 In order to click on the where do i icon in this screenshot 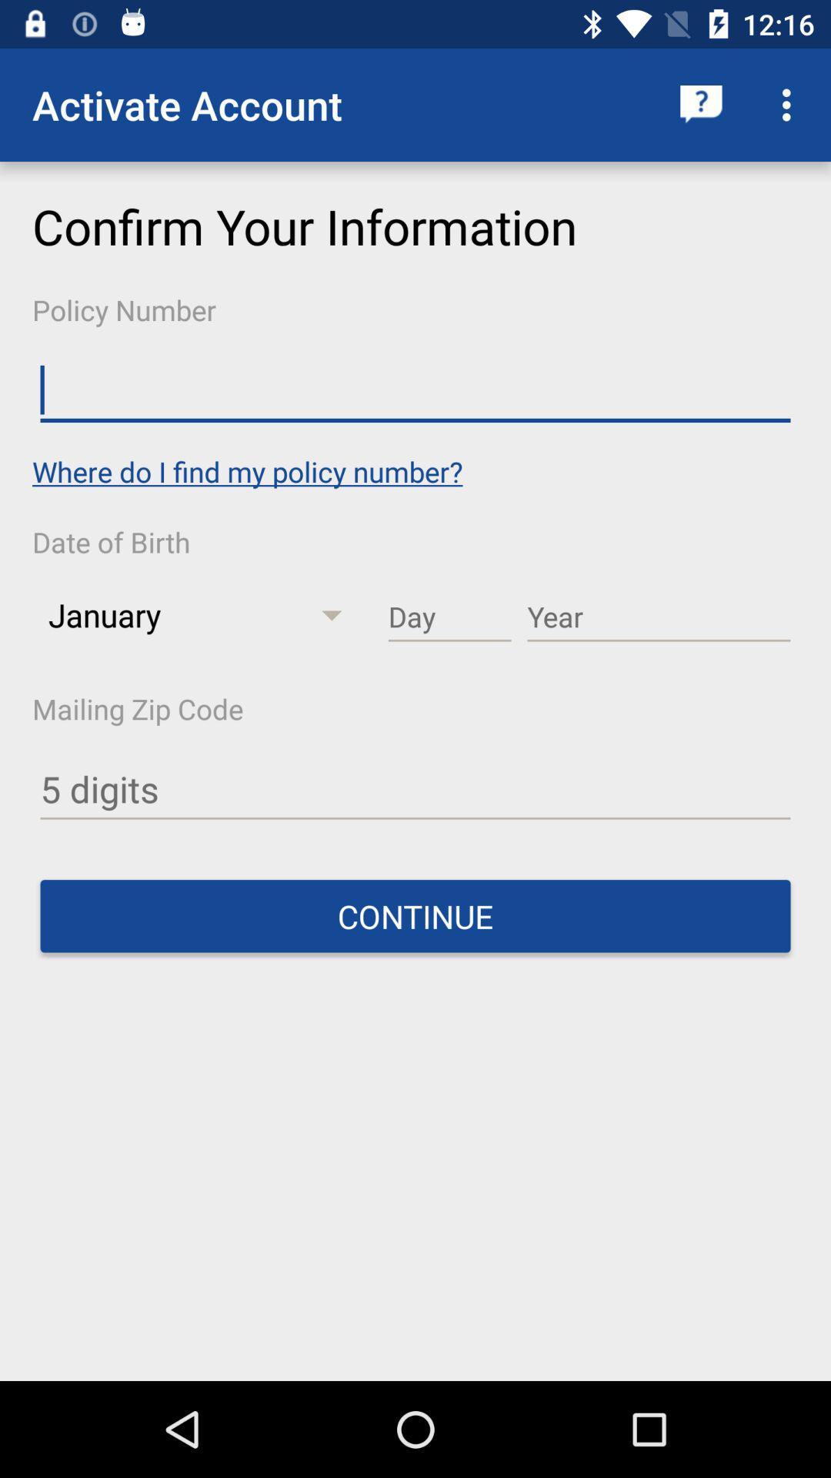, I will do `click(246, 470)`.